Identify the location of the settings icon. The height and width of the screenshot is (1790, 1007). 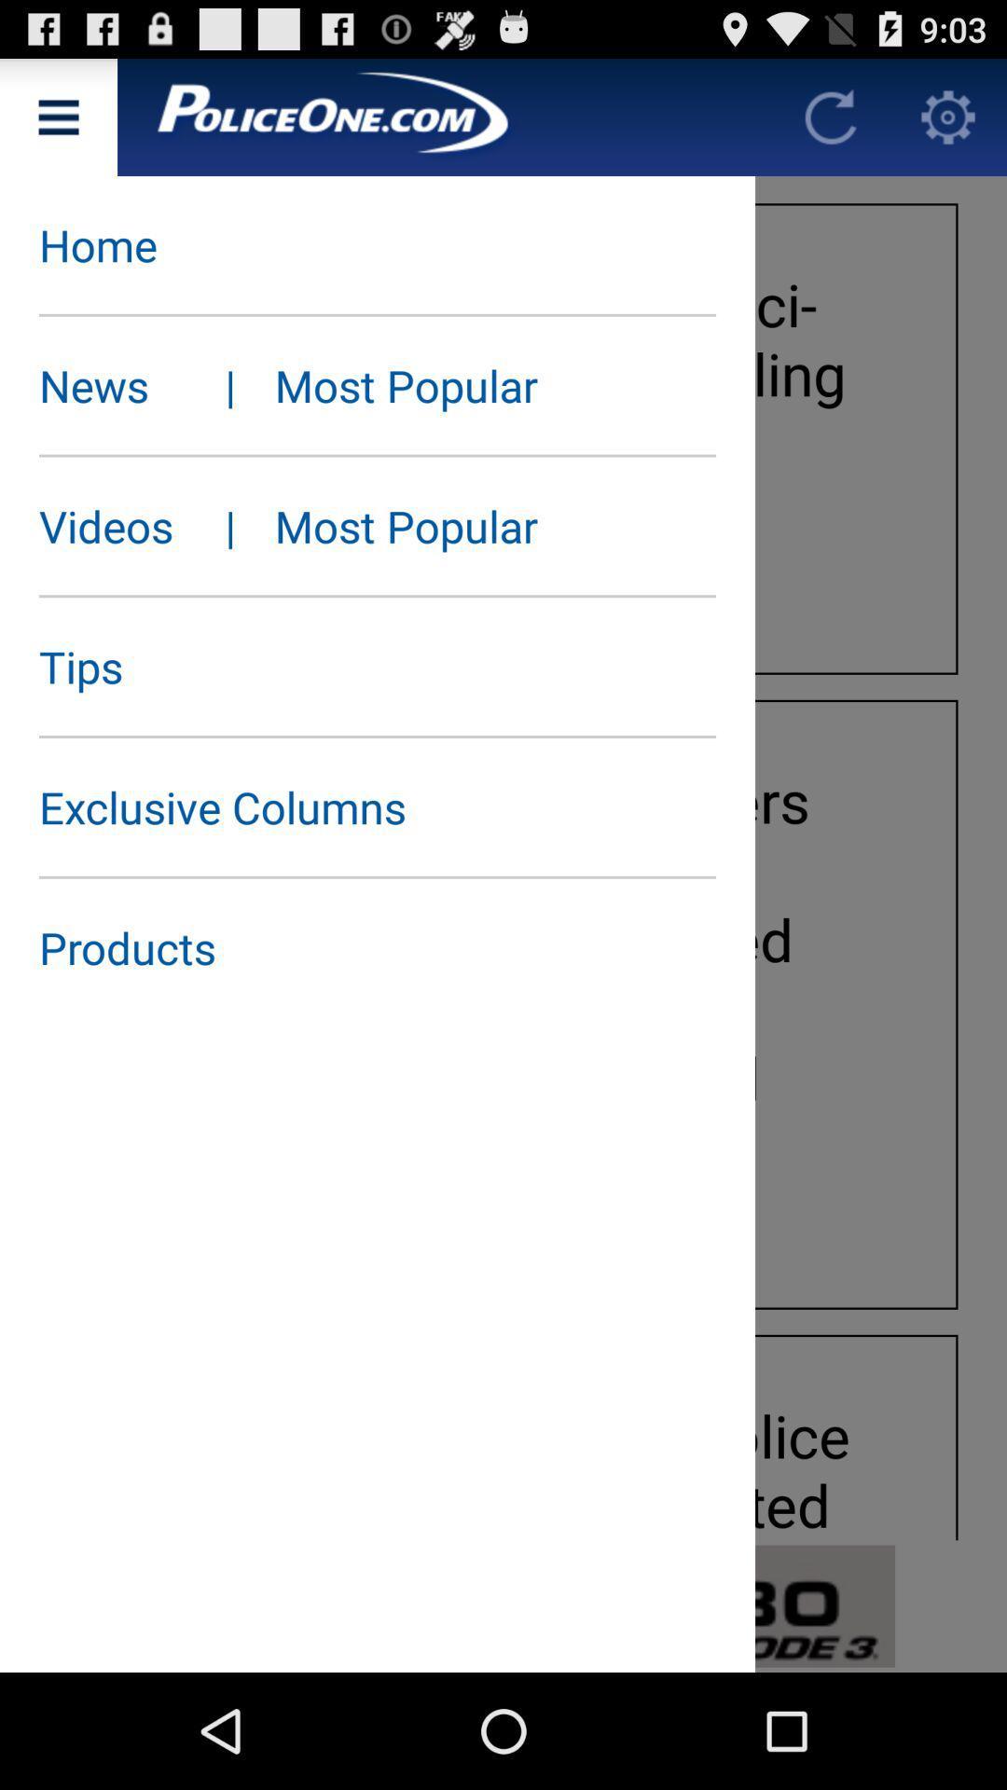
(948, 124).